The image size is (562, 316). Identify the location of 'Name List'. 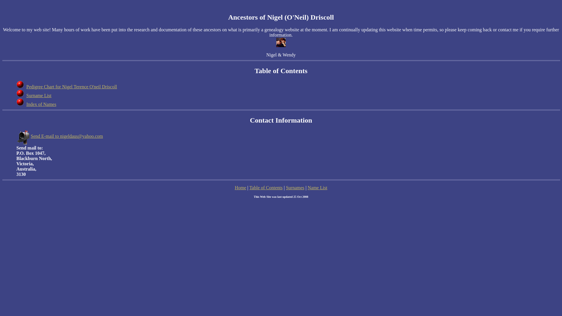
(317, 188).